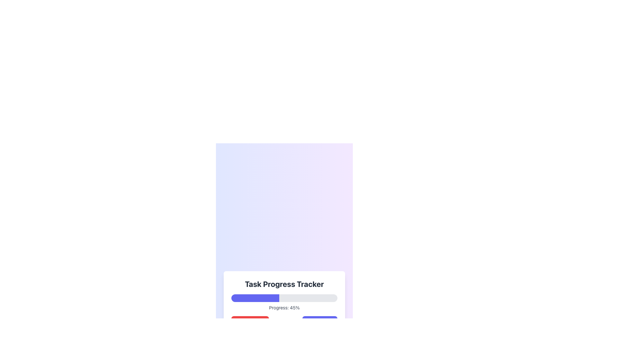 This screenshot has width=617, height=347. Describe the element at coordinates (284, 307) in the screenshot. I see `the text label displaying 'Progress: 45%' located below the progress bar in the 'Task Progress Tracker' card` at that location.